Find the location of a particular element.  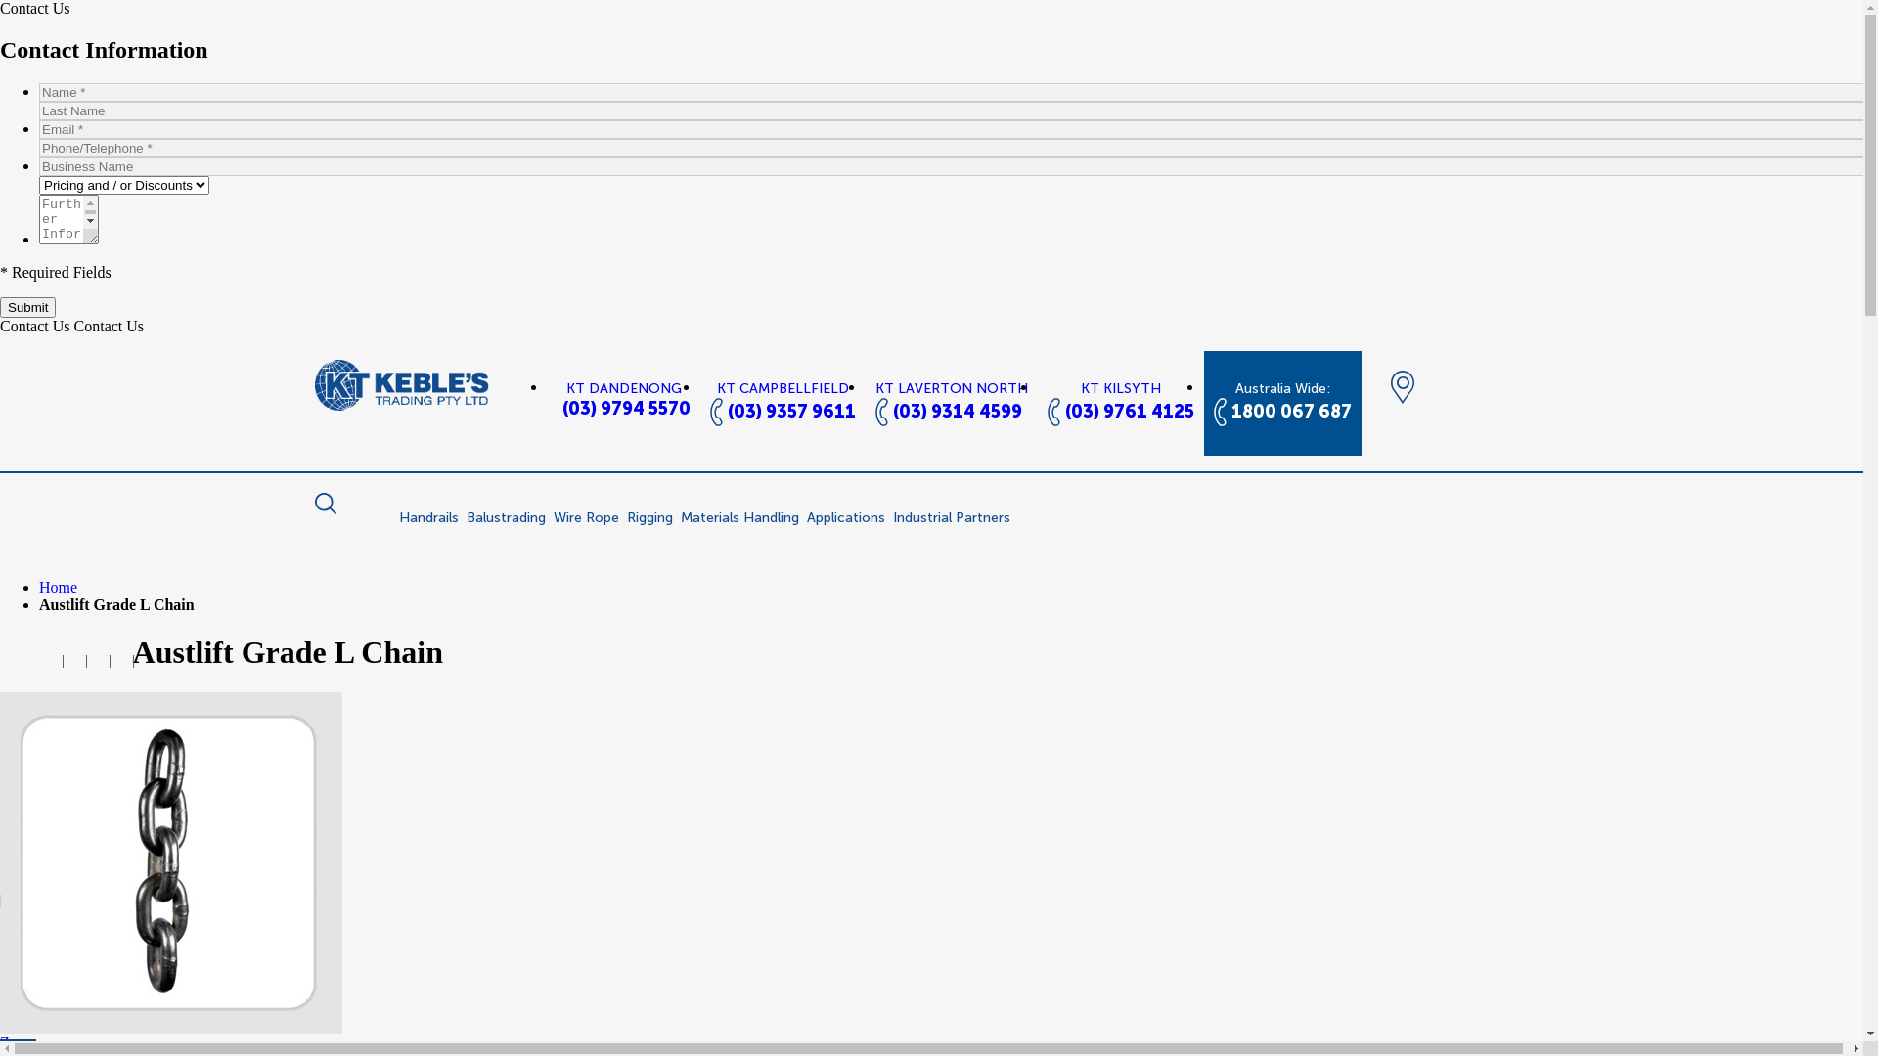

'Applications' is located at coordinates (845, 516).